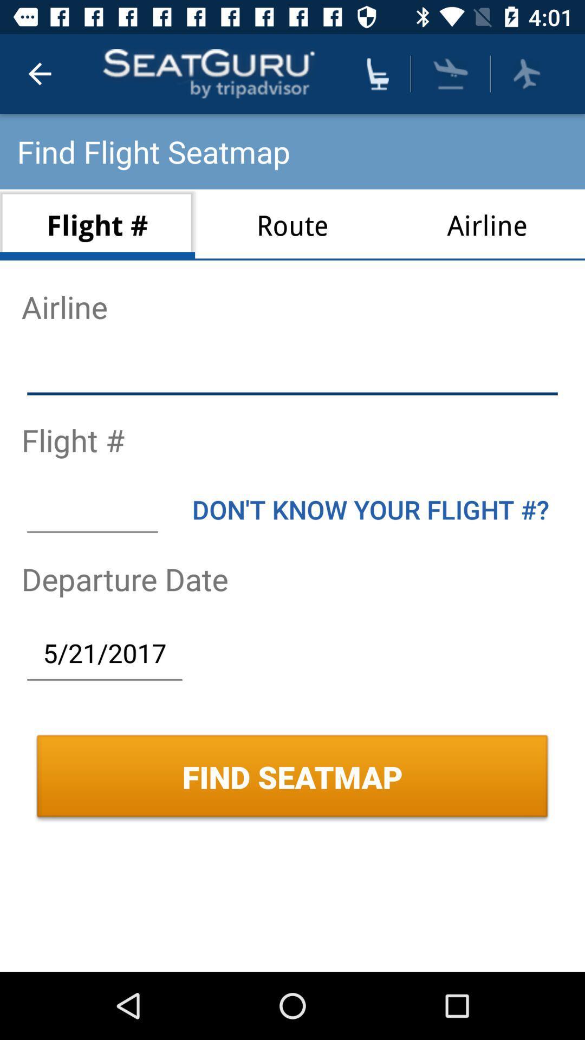 Image resolution: width=585 pixels, height=1040 pixels. Describe the element at coordinates (92, 509) in the screenshot. I see `the icon above departure date item` at that location.